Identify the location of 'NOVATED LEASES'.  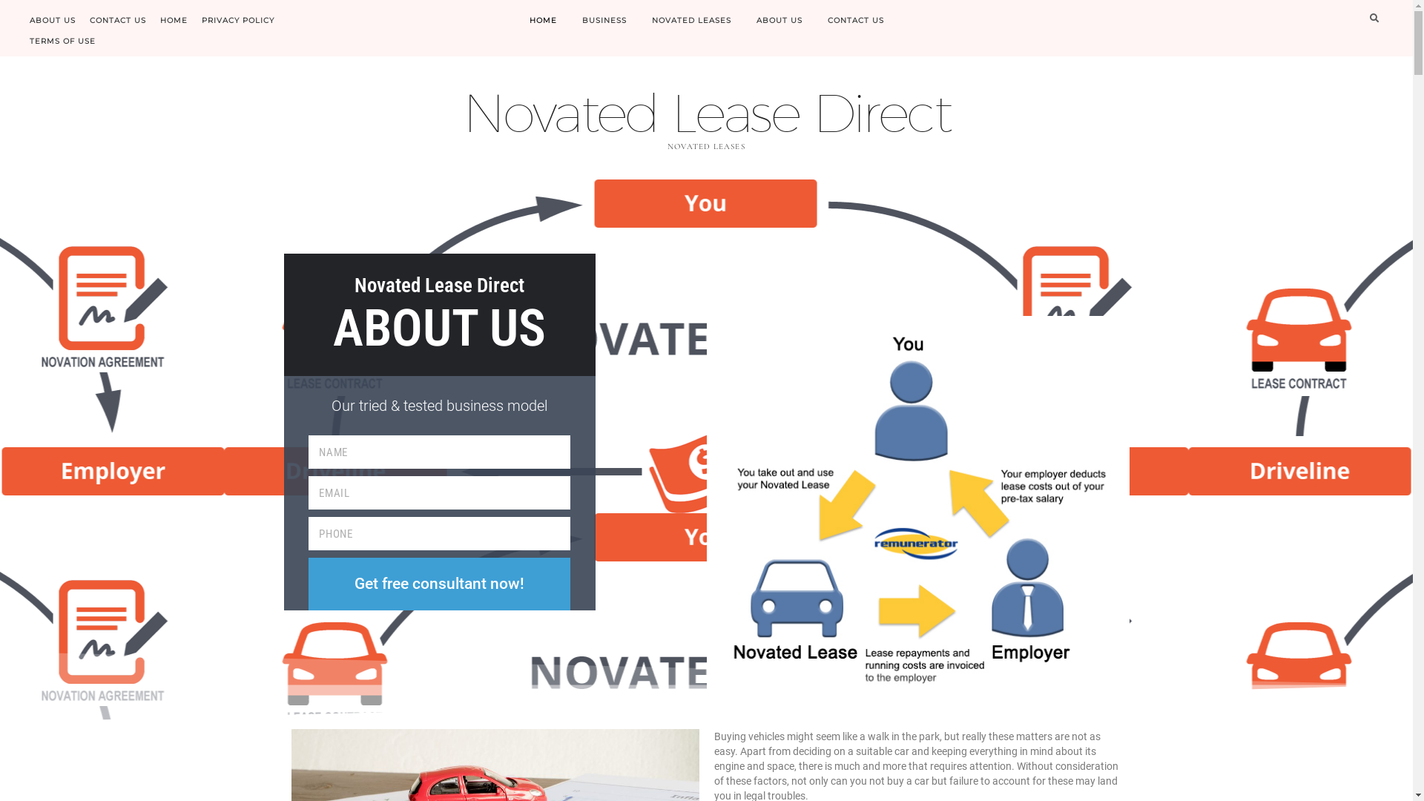
(690, 20).